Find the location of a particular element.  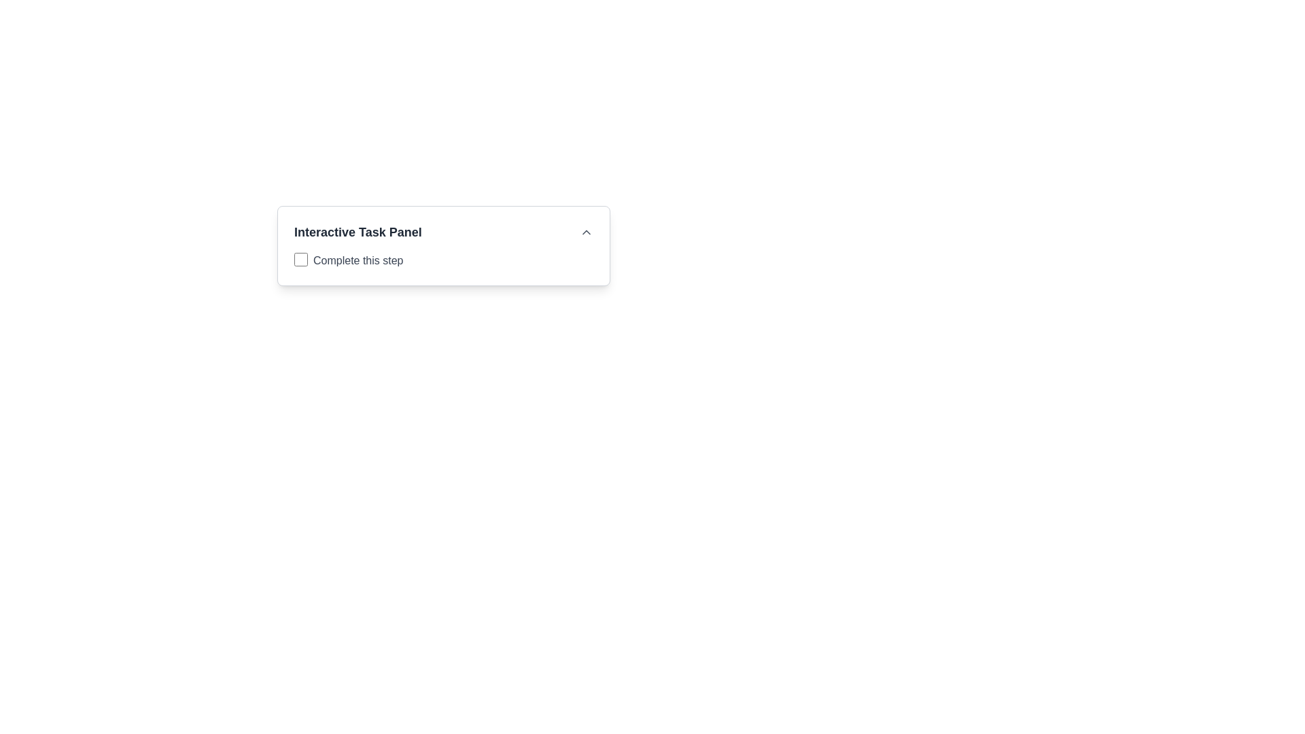

the button located on the far right of the header section of the 'Interactive Task Panel' to change its color is located at coordinates (587, 232).